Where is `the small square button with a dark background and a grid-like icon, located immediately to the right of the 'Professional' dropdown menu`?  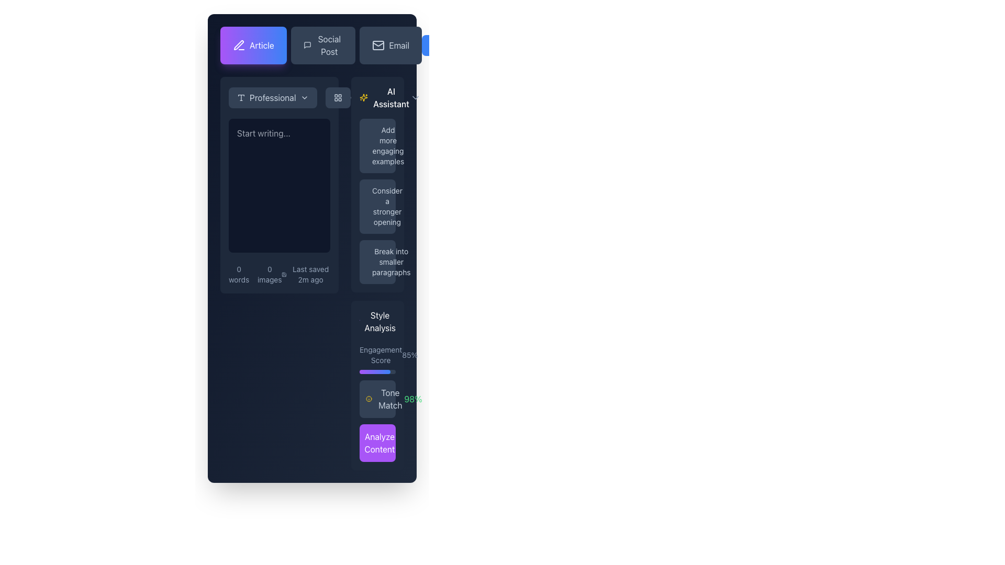
the small square button with a dark background and a grid-like icon, located immediately to the right of the 'Professional' dropdown menu is located at coordinates (338, 97).